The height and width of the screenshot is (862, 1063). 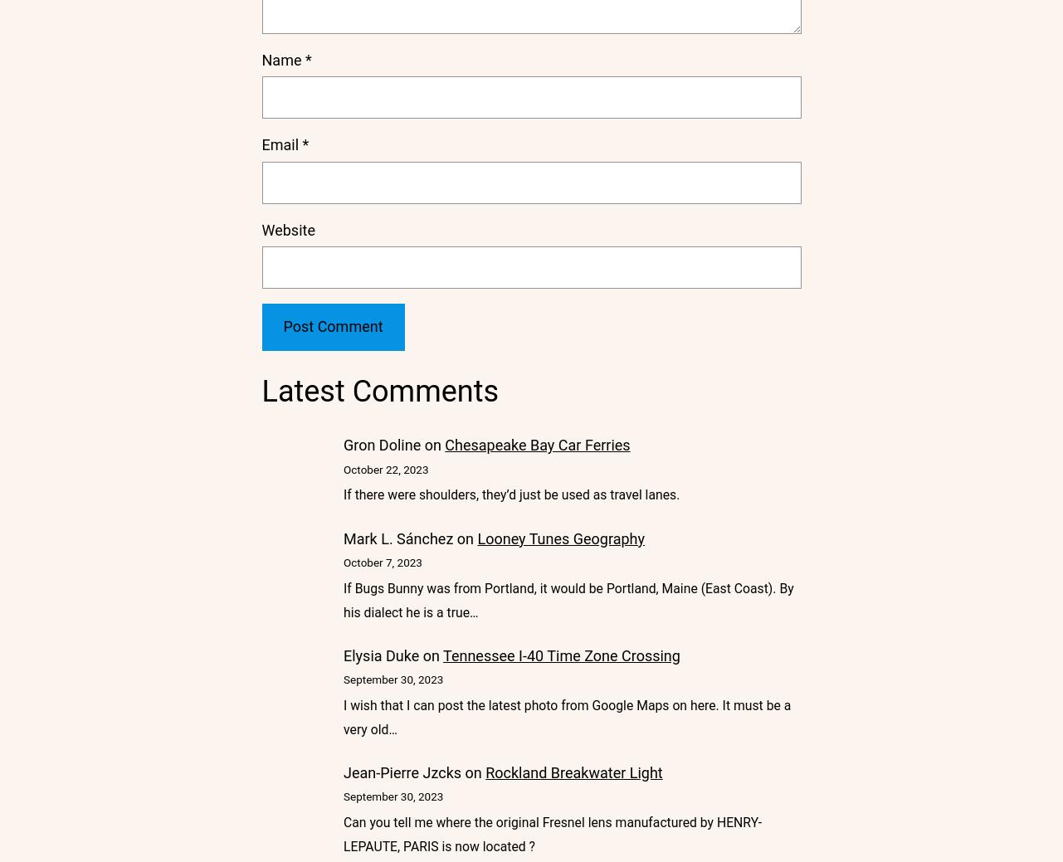 I want to click on 'If Bugs Bunny was from Portland, it would be Portland, Maine (East Coast). By his dialect he is a true…', so click(x=567, y=599).